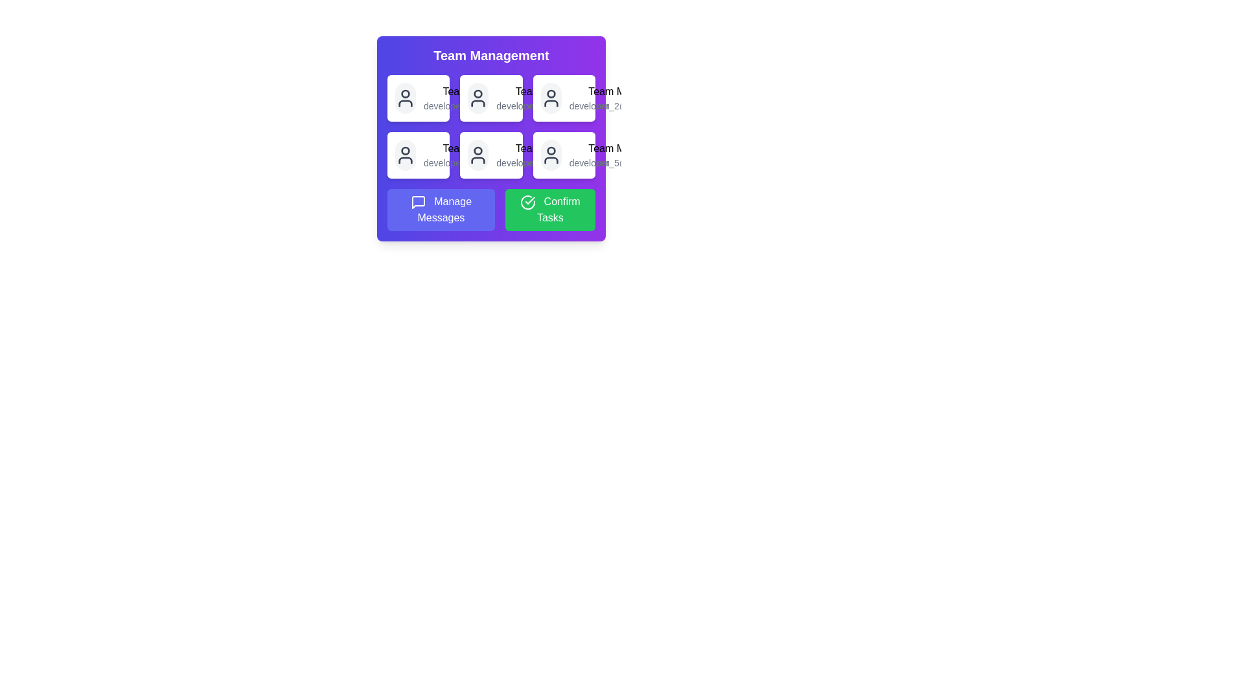 This screenshot has height=699, width=1244. Describe the element at coordinates (478, 93) in the screenshot. I see `the SVG circle representing the head of a user icon in the second position of the grid layout` at that location.